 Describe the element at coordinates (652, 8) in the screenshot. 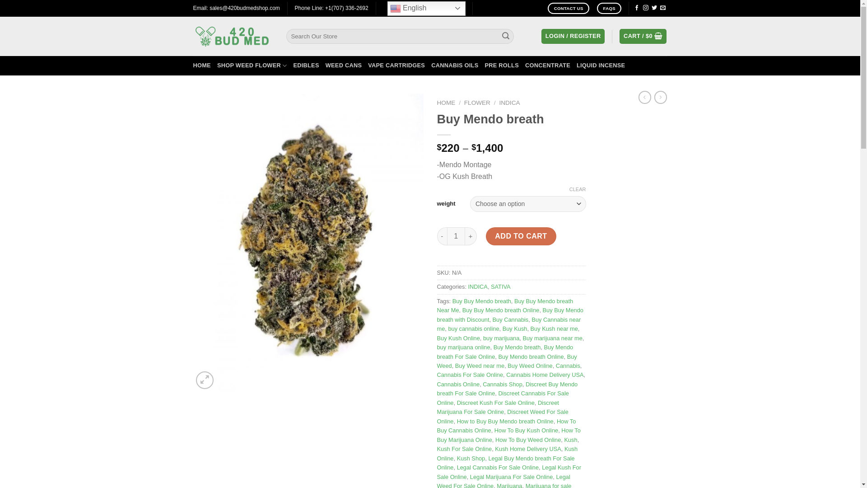

I see `'Follow on Twitter'` at that location.